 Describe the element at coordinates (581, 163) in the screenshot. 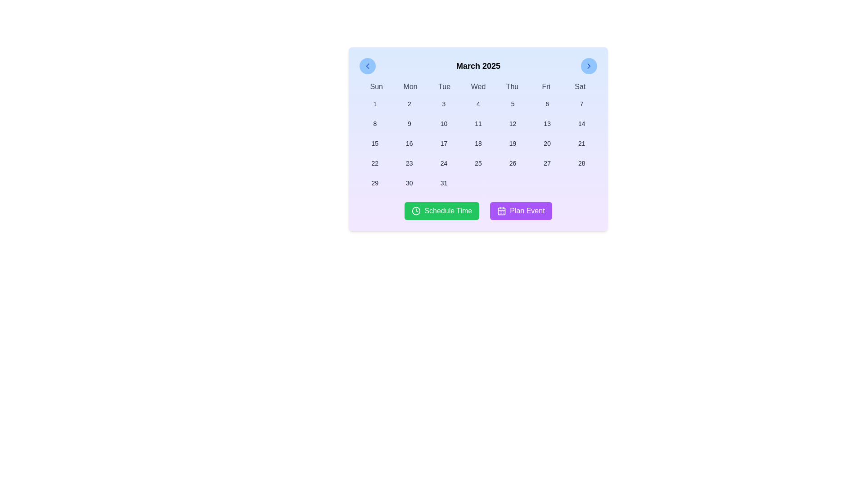

I see `the button representing the 28th day of the month in the calendar interface` at that location.